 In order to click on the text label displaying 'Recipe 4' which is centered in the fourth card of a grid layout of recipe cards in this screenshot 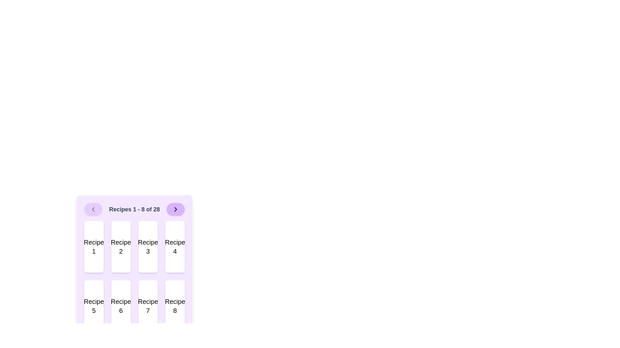, I will do `click(175, 247)`.